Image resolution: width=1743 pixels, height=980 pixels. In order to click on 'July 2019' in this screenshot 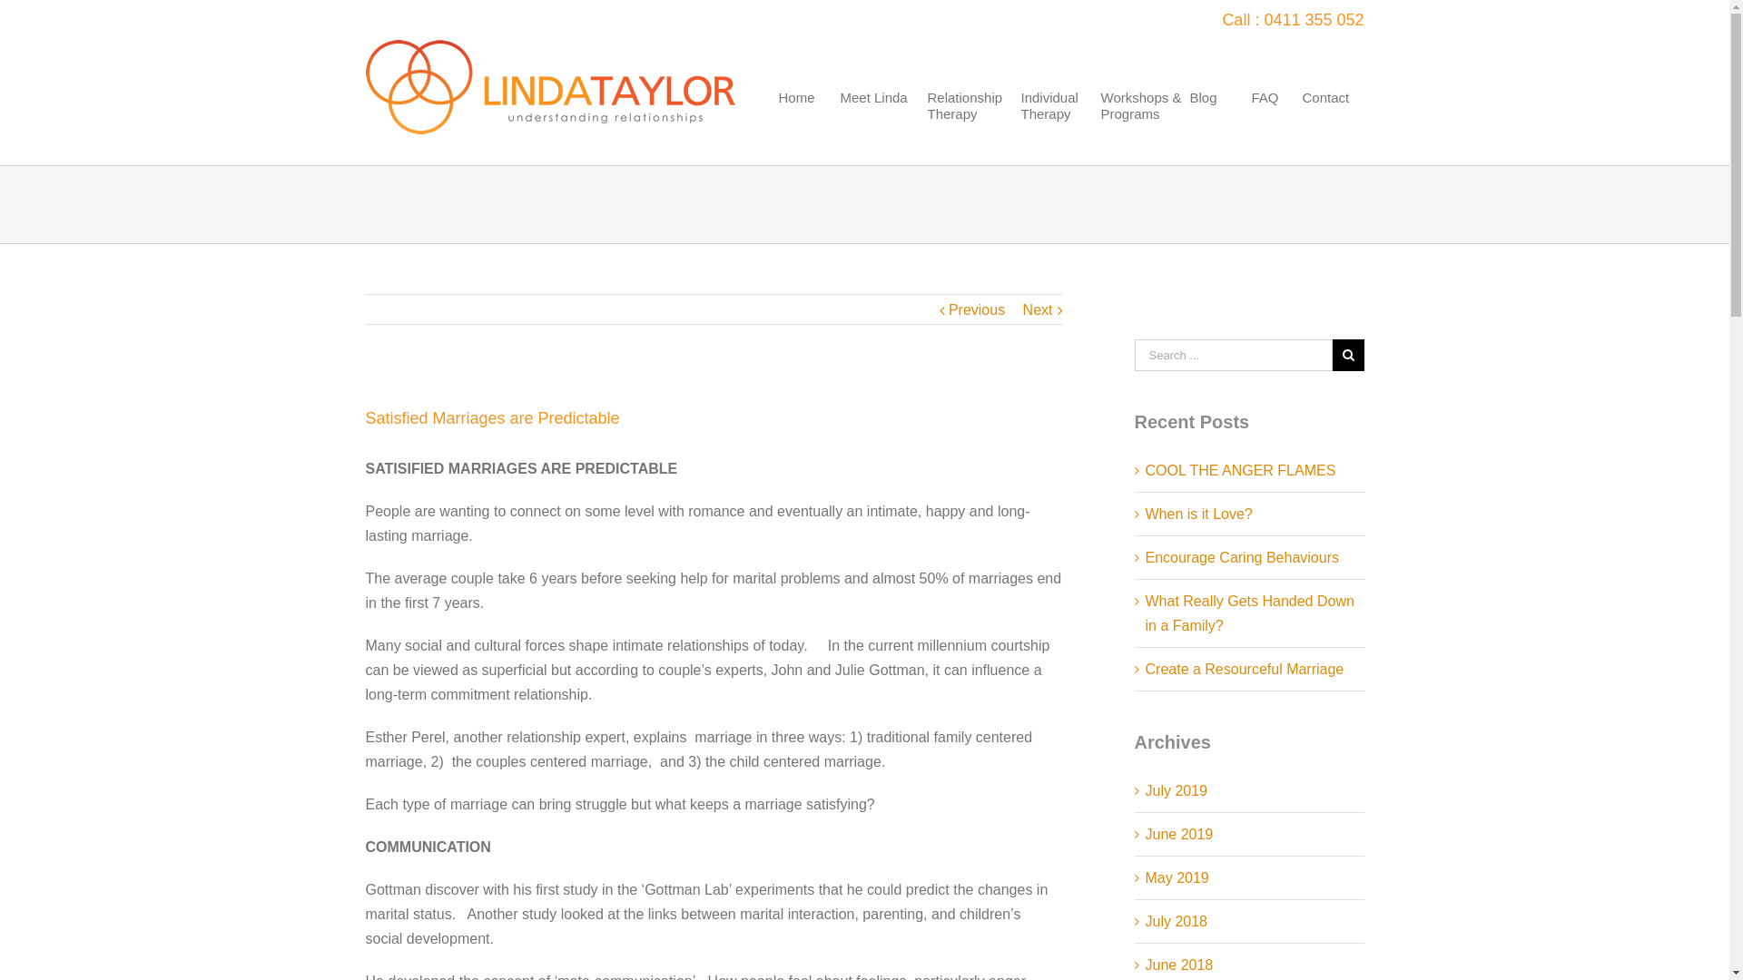, I will do `click(1177, 789)`.